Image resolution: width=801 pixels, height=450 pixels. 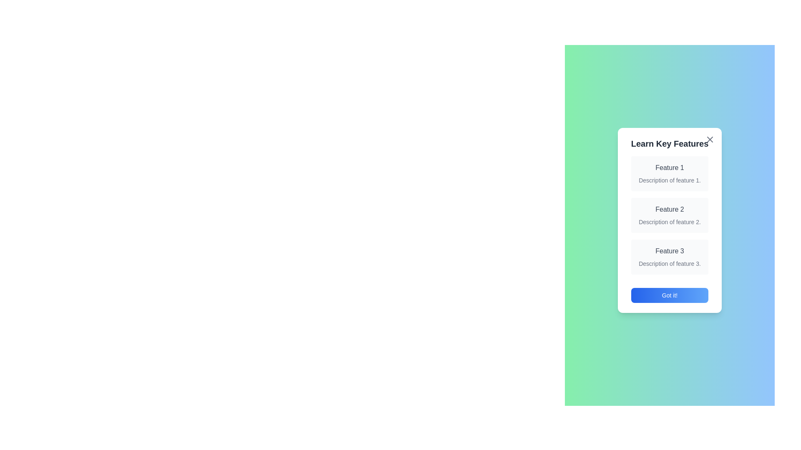 What do you see at coordinates (710, 139) in the screenshot?
I see `'X' button at the top-right corner of the modal to close it` at bounding box center [710, 139].